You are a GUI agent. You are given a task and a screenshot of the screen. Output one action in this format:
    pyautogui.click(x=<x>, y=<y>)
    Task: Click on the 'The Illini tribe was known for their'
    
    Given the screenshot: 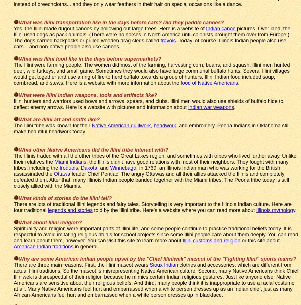 What is the action you would take?
    pyautogui.click(x=52, y=125)
    